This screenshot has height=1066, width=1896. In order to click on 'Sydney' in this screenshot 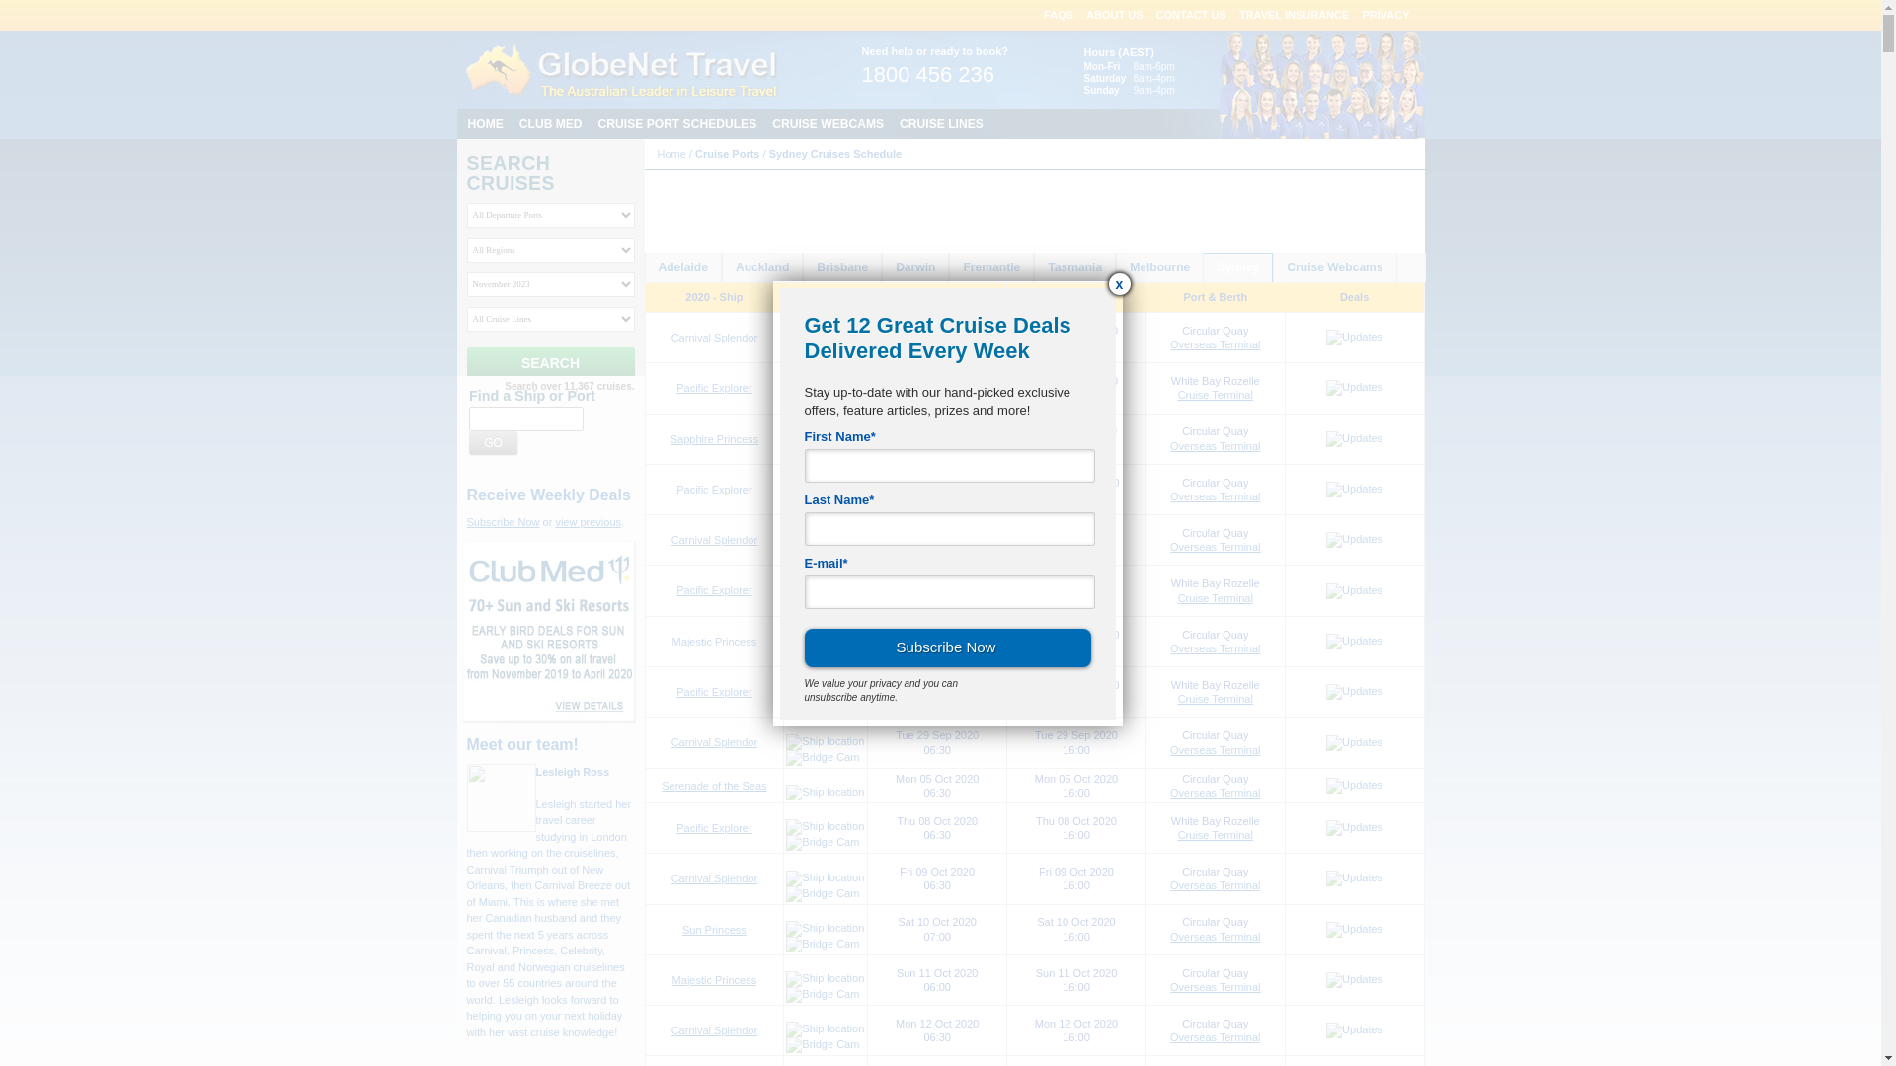, I will do `click(1236, 267)`.